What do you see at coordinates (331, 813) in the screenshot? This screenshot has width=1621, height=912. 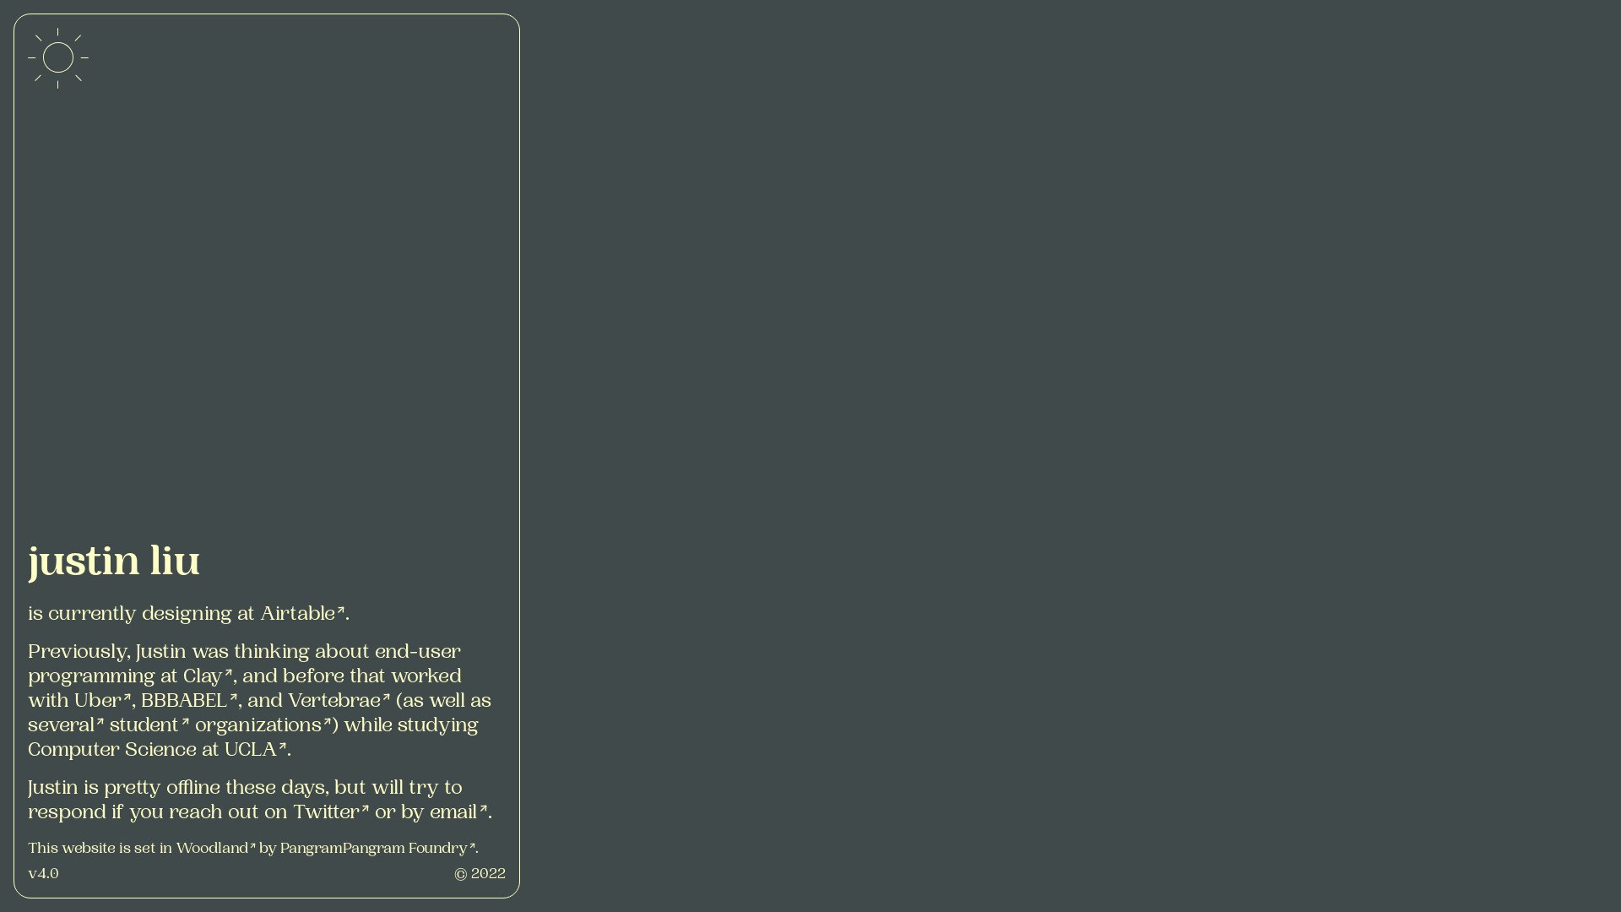 I see `'Twitter'` at bounding box center [331, 813].